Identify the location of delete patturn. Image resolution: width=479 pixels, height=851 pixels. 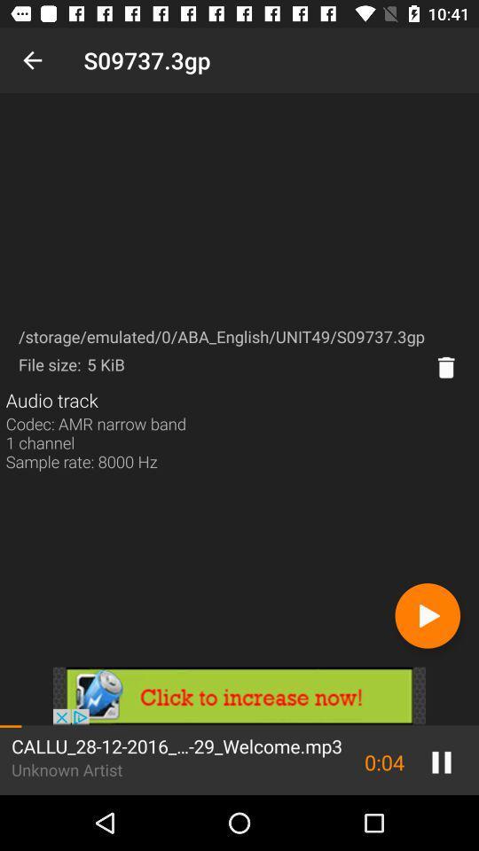
(445, 366).